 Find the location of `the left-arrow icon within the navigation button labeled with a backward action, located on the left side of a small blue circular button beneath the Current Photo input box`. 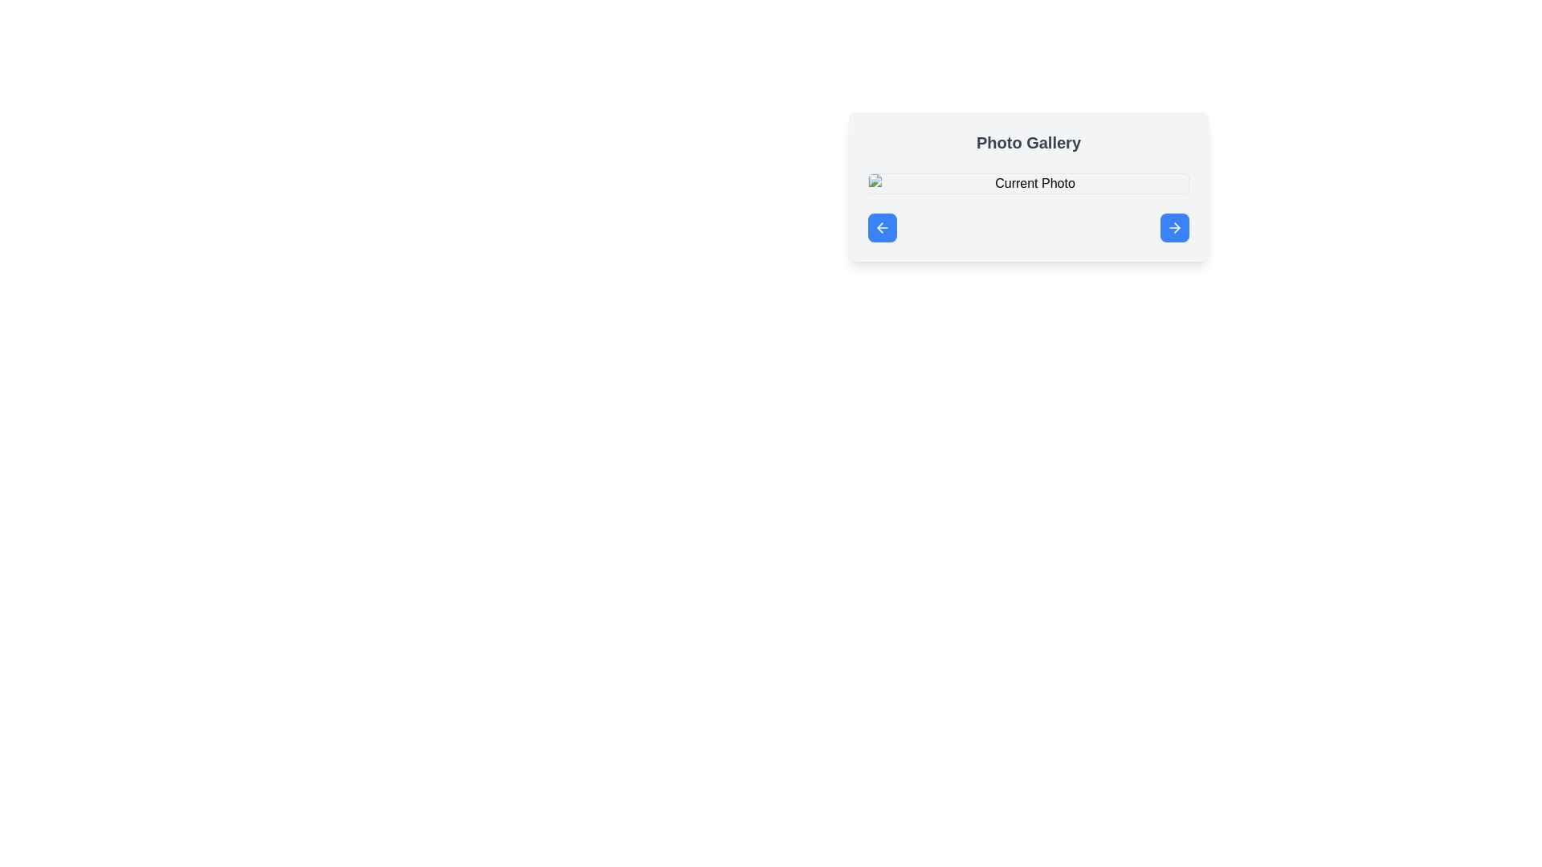

the left-arrow icon within the navigation button labeled with a backward action, located on the left side of a small blue circular button beneath the Current Photo input box is located at coordinates (879, 228).